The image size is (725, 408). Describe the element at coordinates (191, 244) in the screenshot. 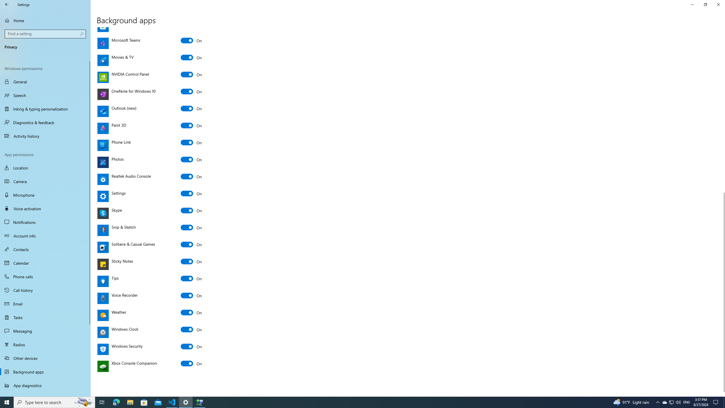

I see `'Solitaire & Casual Games'` at that location.